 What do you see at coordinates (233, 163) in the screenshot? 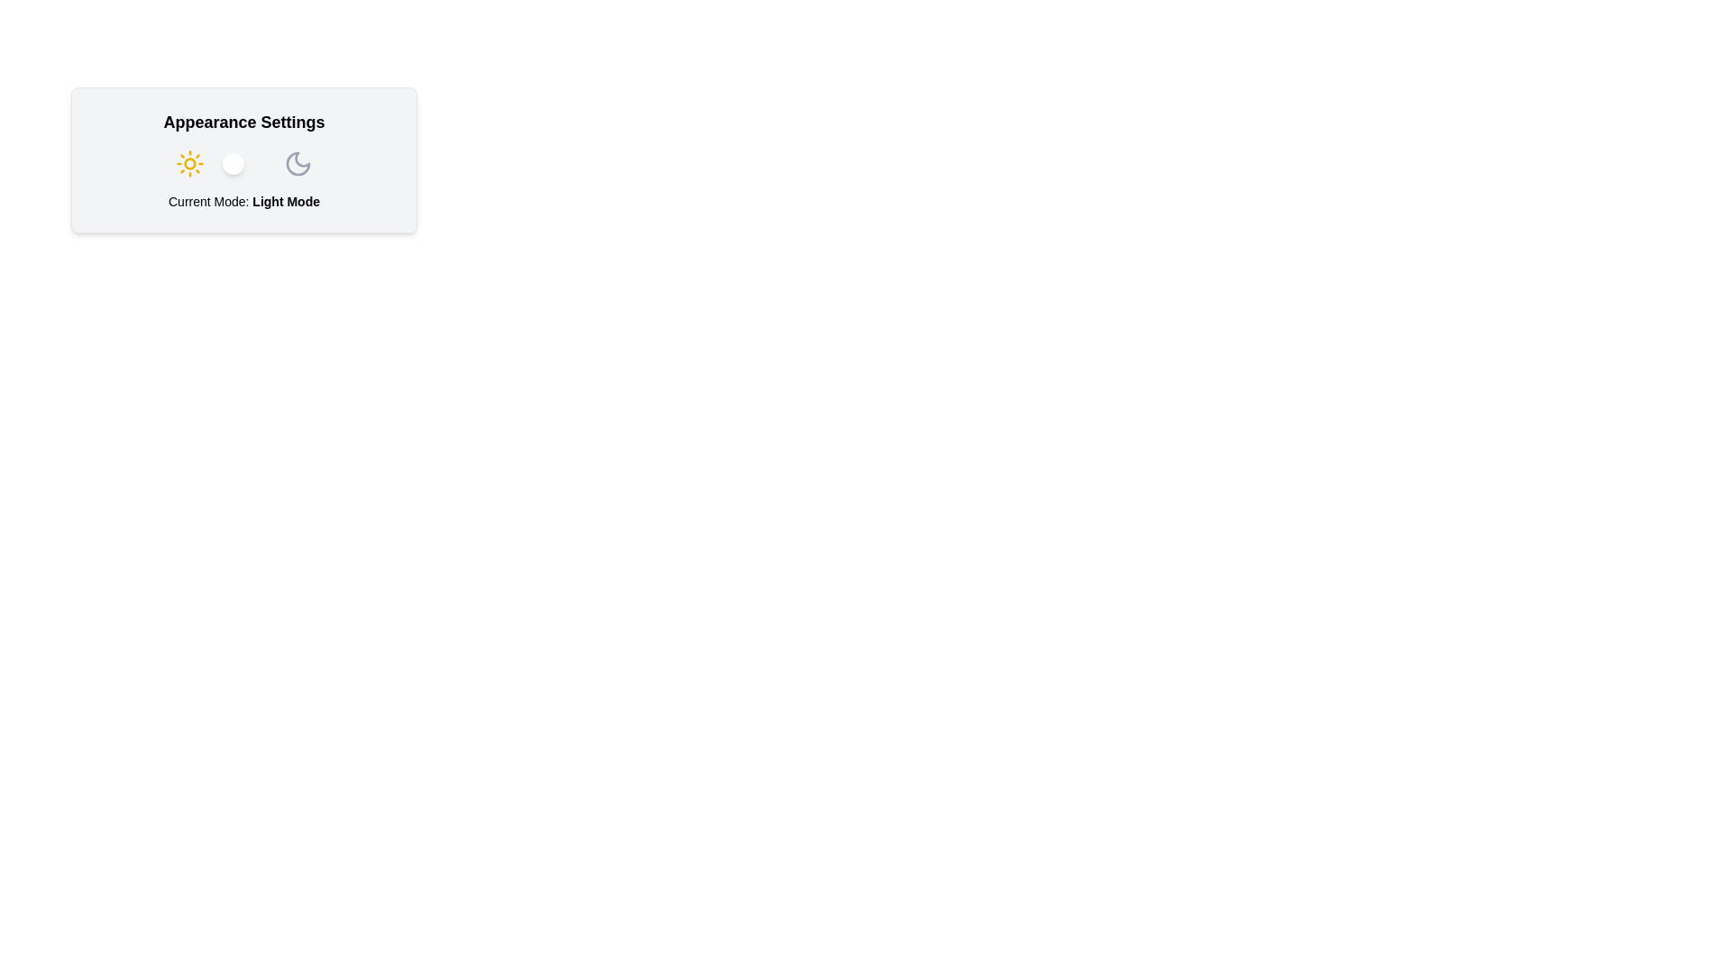
I see `the toggle switch handle located on the left side of the blue pill-shaped toggle in the Appearance Settings panel` at bounding box center [233, 163].